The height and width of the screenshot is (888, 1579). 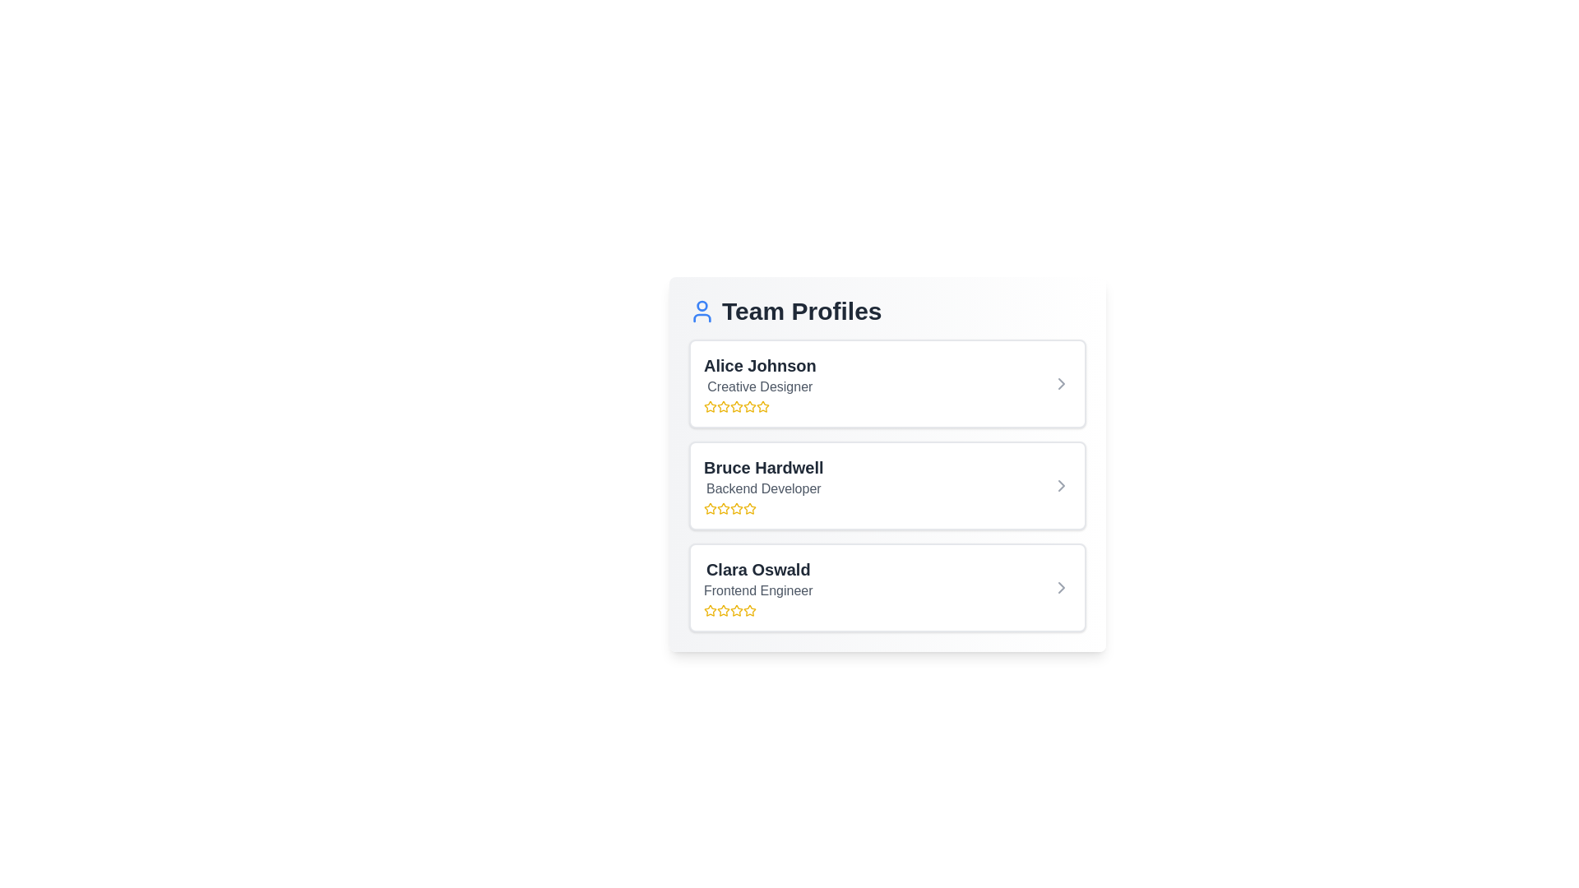 What do you see at coordinates (762, 406) in the screenshot?
I see `the rating to 5 stars by clicking on the corresponding star` at bounding box center [762, 406].